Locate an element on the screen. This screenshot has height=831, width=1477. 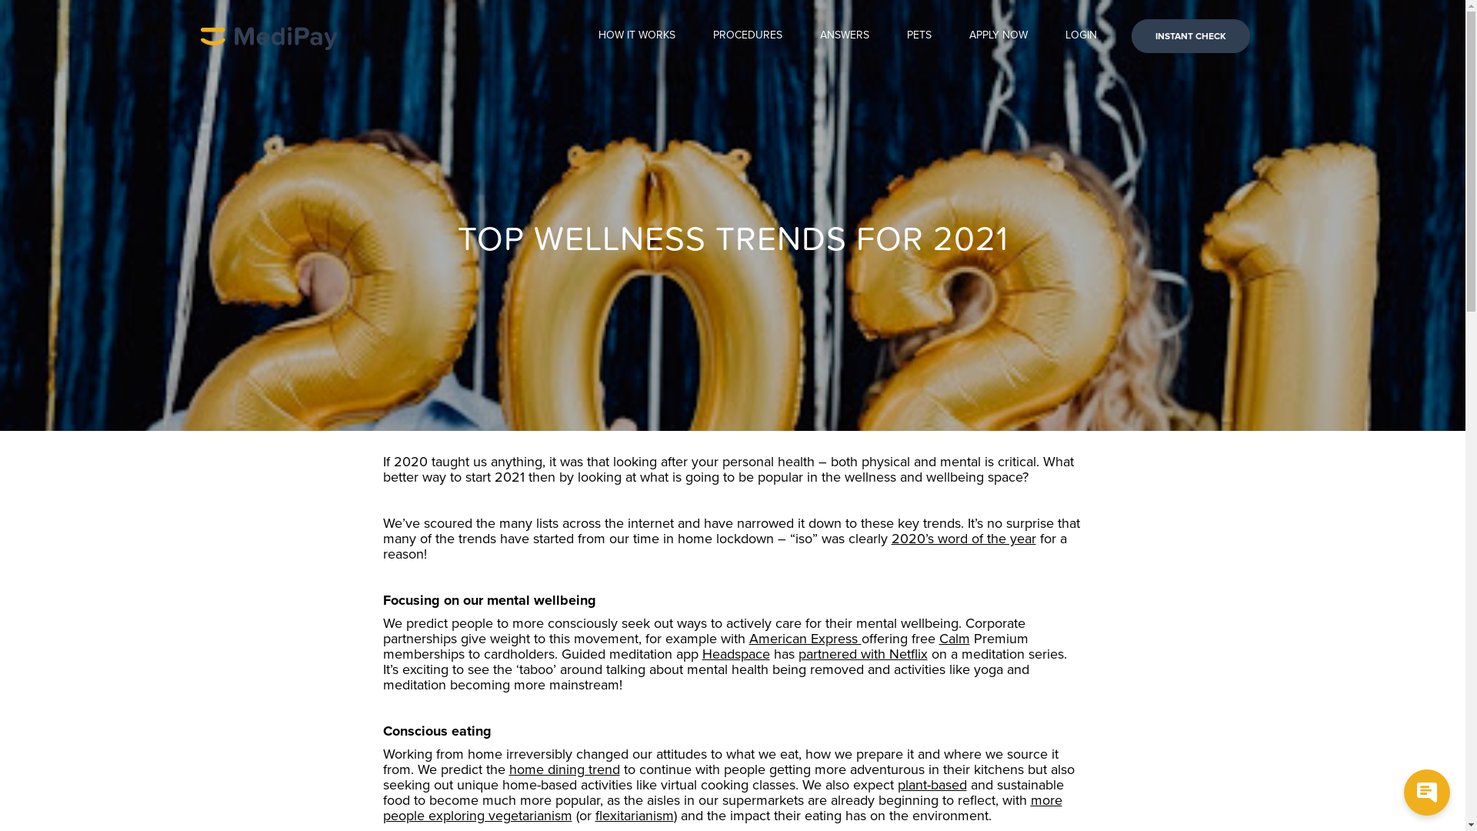
'Calm' is located at coordinates (937, 638).